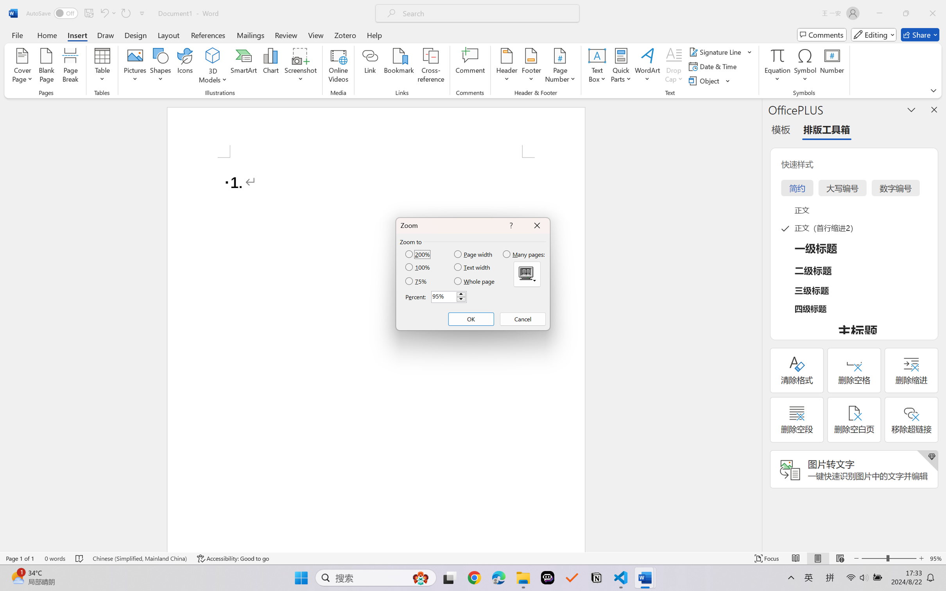 The height and width of the screenshot is (591, 946). Describe the element at coordinates (647, 66) in the screenshot. I see `'WordArt'` at that location.